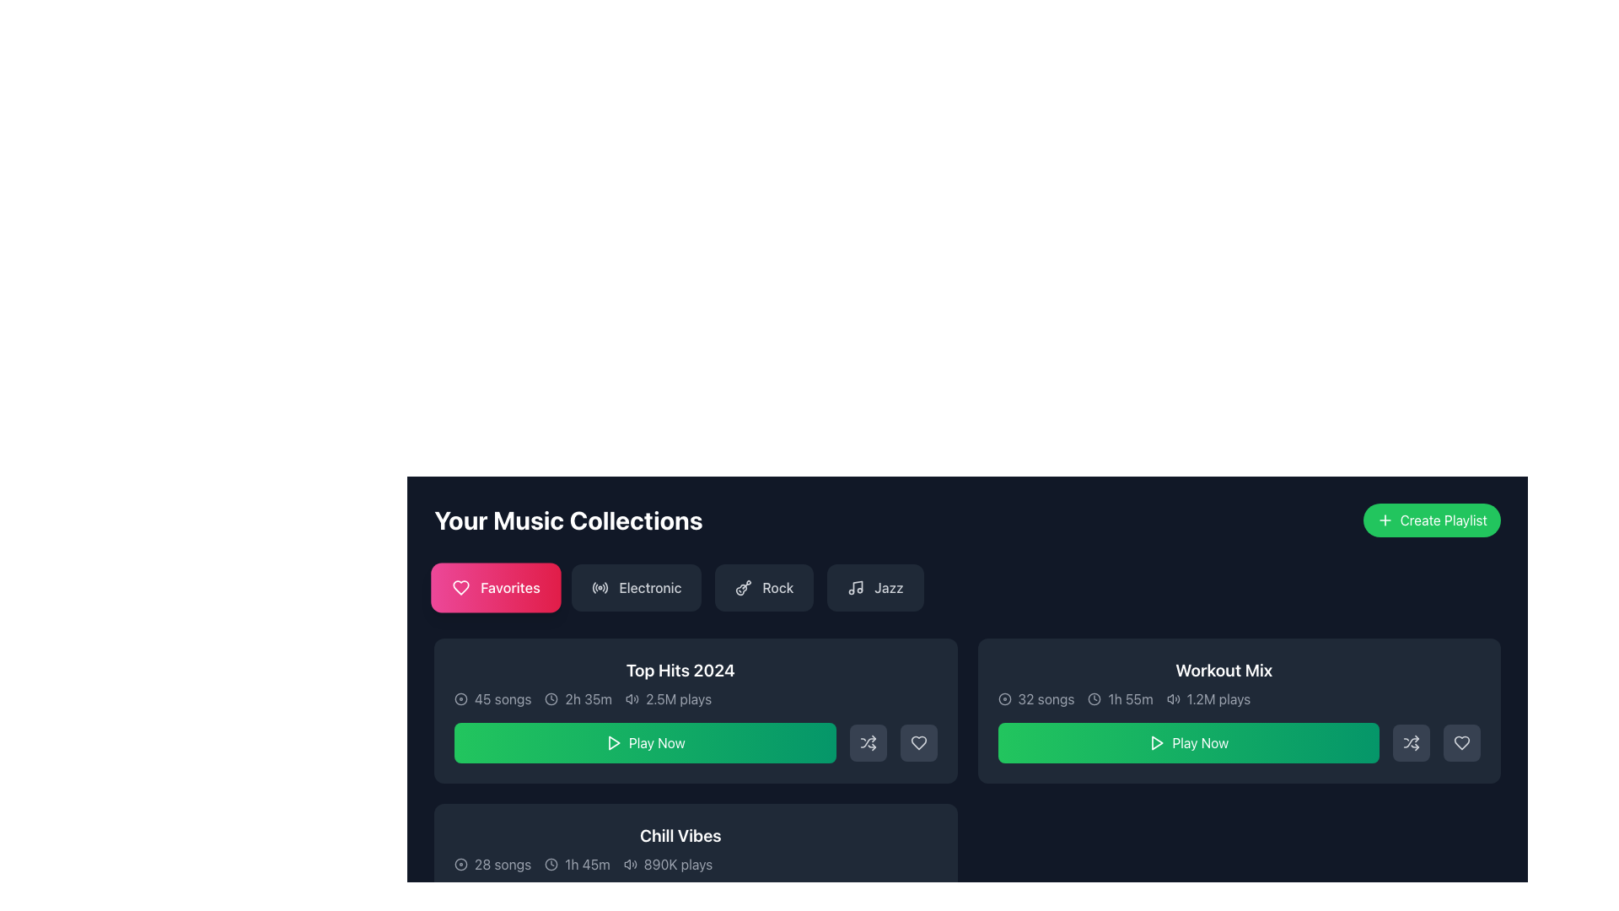 This screenshot has height=911, width=1619. What do you see at coordinates (1045, 699) in the screenshot?
I see `the text label displaying '32 songs', which is located to the right of a disc-shaped icon in the 'Workout Mix' section` at bounding box center [1045, 699].